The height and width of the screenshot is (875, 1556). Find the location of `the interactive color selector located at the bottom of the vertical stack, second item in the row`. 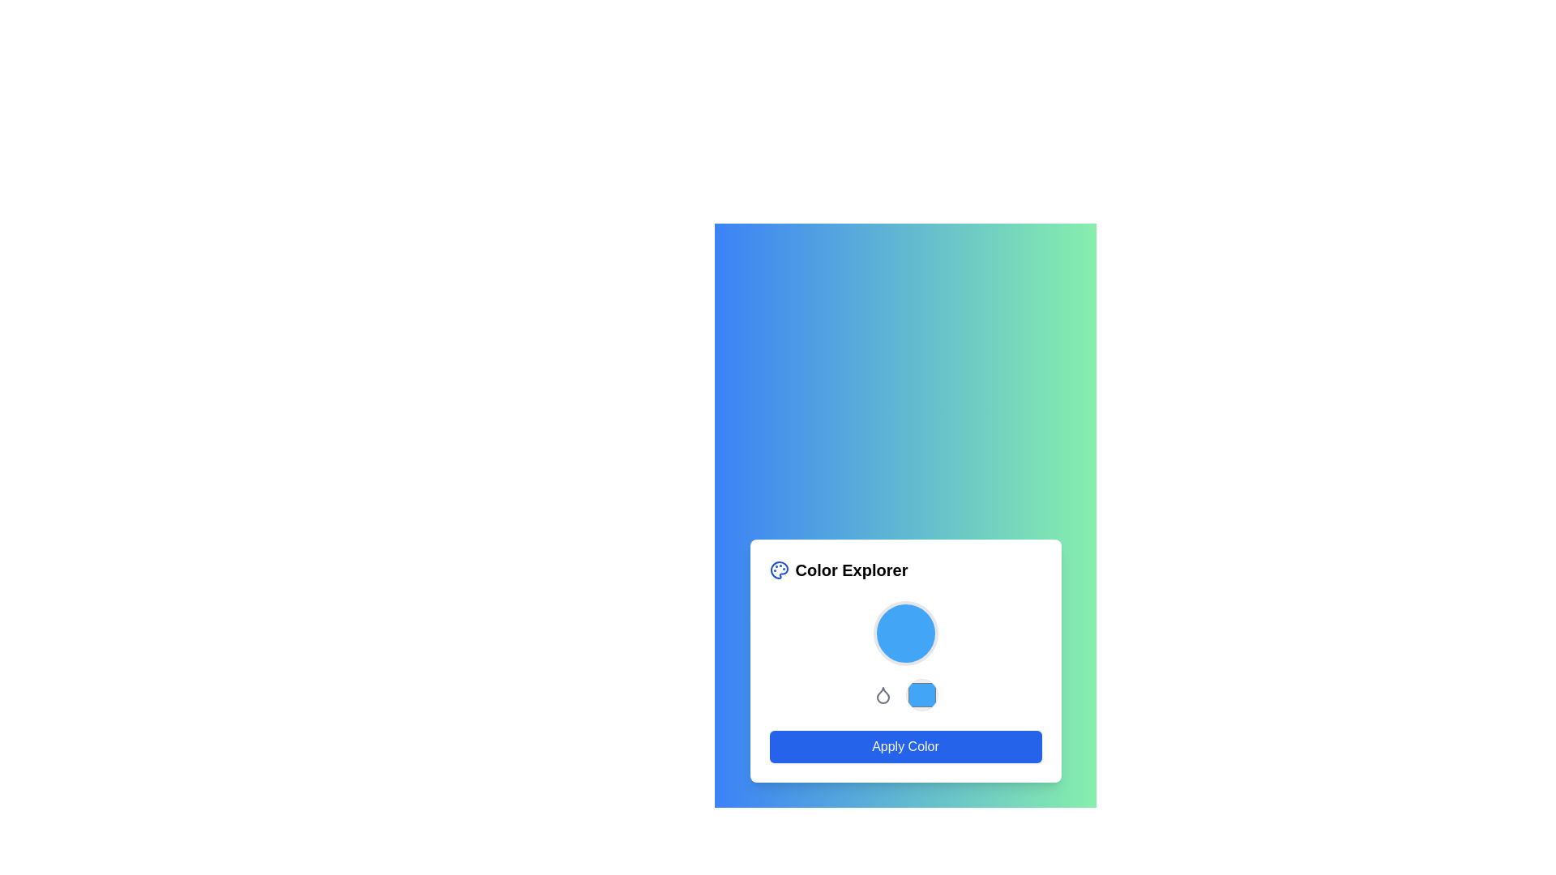

the interactive color selector located at the bottom of the vertical stack, second item in the row is located at coordinates (904, 694).